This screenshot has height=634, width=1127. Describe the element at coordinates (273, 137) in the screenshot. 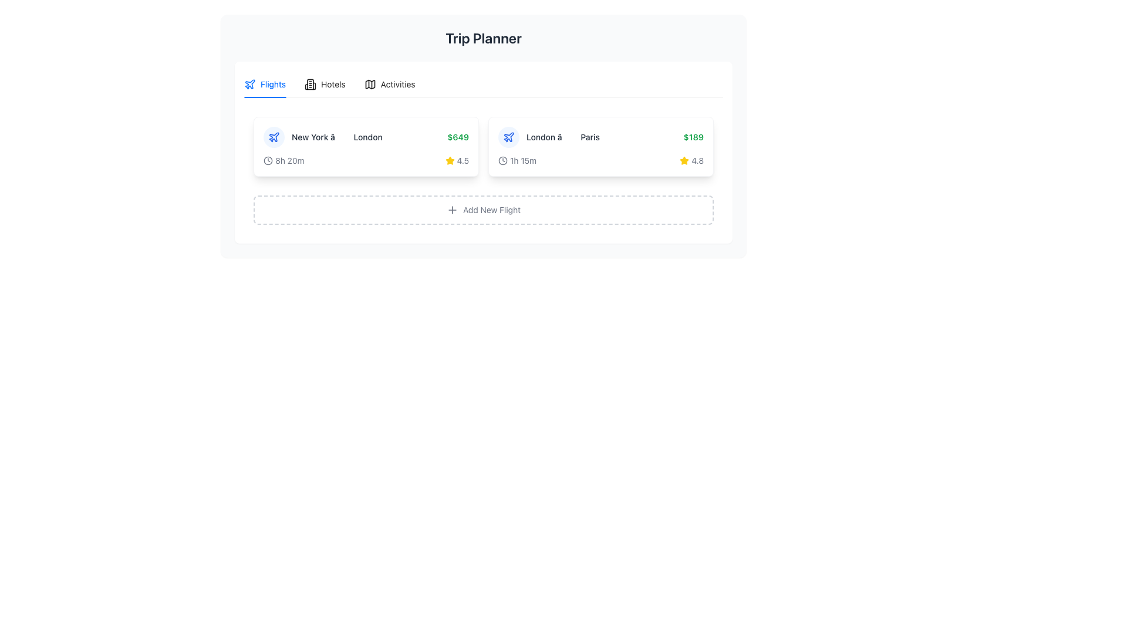

I see `the circular light blue icon featuring a blue airplane symbol, which is positioned to the left of the text 'New York â†’ London' within the flight details section` at that location.